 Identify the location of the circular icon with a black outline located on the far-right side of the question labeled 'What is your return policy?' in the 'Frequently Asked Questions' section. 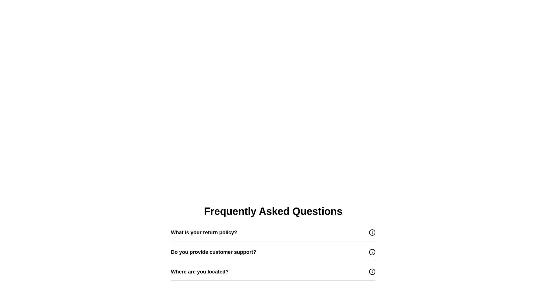
(372, 232).